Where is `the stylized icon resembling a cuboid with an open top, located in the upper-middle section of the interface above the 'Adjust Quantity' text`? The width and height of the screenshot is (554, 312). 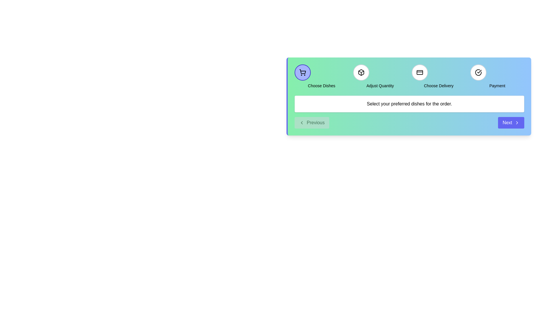 the stylized icon resembling a cuboid with an open top, located in the upper-middle section of the interface above the 'Adjust Quantity' text is located at coordinates (361, 72).